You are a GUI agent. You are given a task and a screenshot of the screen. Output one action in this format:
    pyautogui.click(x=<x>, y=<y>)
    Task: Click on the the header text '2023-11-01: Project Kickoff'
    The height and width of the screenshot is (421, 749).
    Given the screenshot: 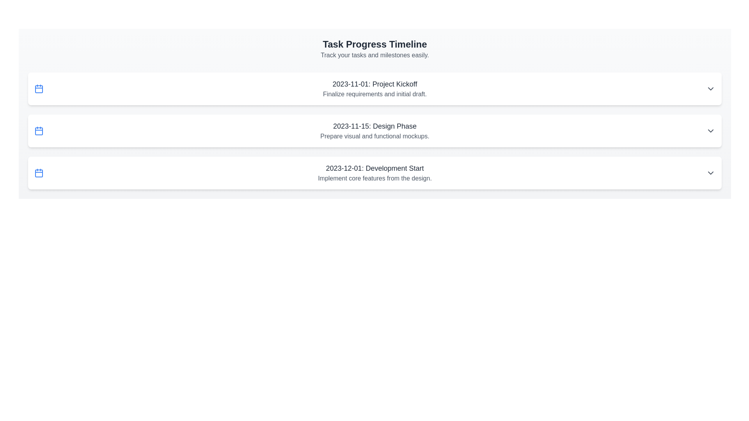 What is the action you would take?
    pyautogui.click(x=374, y=84)
    